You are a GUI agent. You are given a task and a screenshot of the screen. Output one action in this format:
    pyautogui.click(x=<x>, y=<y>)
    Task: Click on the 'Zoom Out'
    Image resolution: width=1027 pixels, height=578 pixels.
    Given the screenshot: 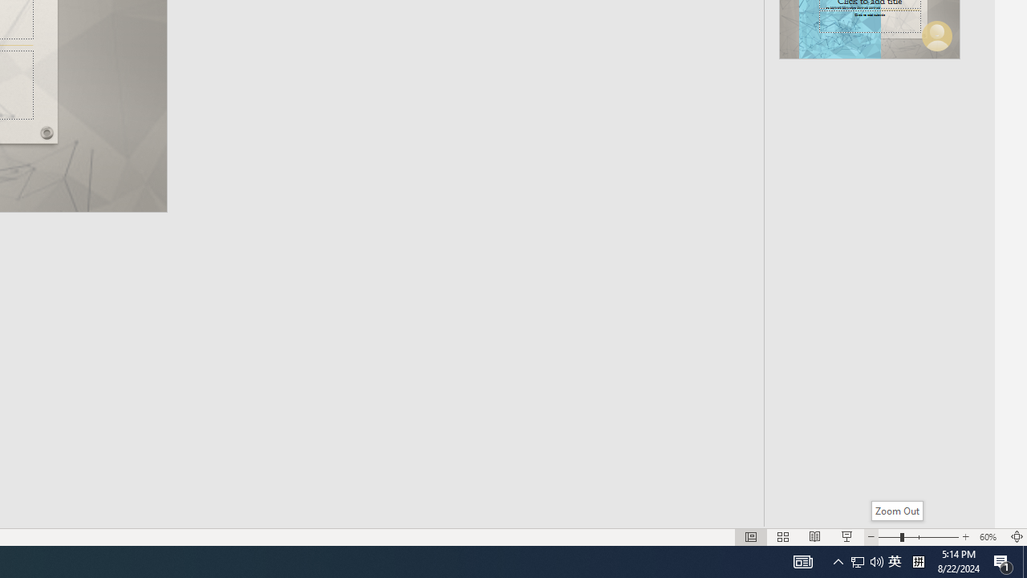 What is the action you would take?
    pyautogui.click(x=888, y=537)
    